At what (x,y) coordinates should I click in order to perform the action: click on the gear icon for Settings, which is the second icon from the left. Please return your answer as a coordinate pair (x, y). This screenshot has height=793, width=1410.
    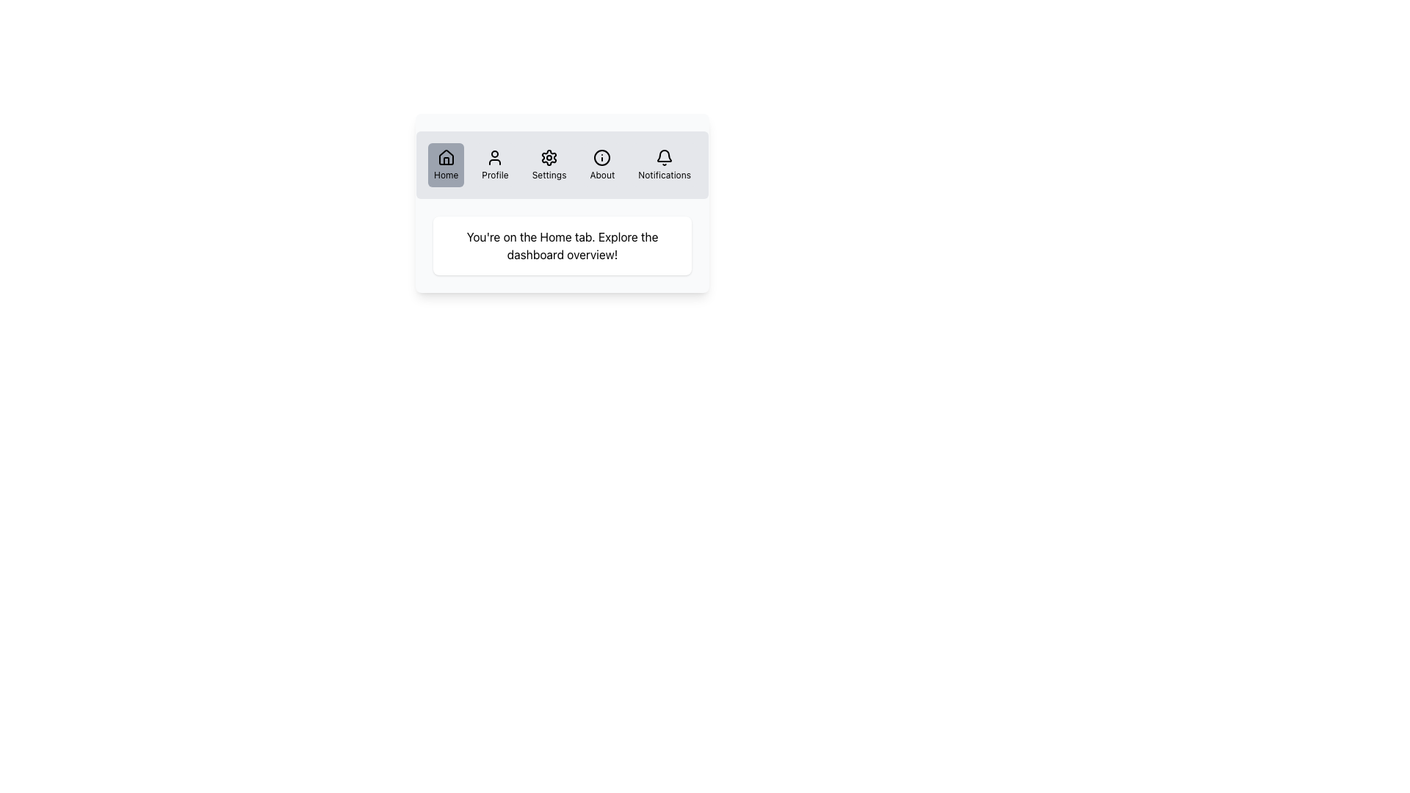
    Looking at the image, I should click on (549, 158).